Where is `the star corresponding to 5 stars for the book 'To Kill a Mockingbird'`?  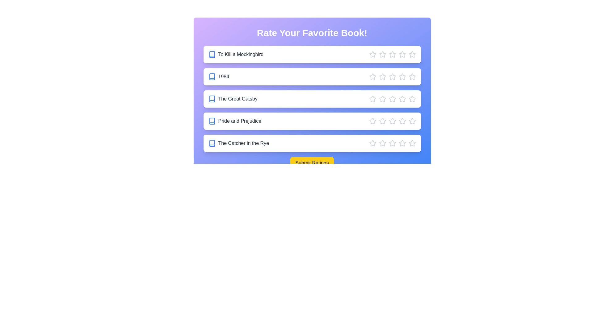
the star corresponding to 5 stars for the book 'To Kill a Mockingbird' is located at coordinates (412, 54).